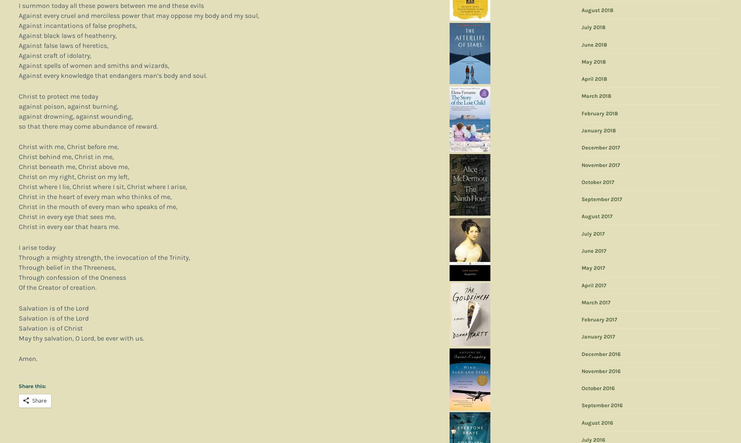  What do you see at coordinates (601, 199) in the screenshot?
I see `'September 2017'` at bounding box center [601, 199].